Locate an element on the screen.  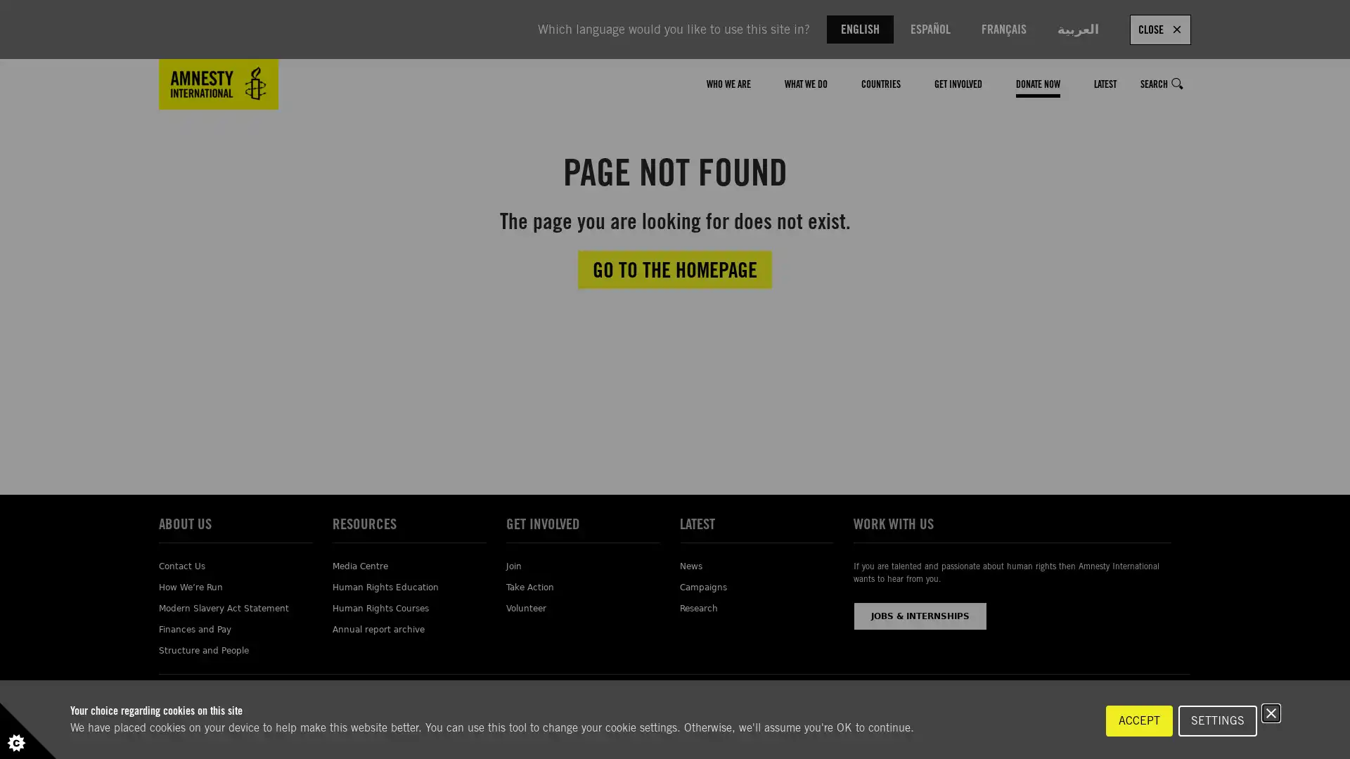
CLOSE is located at coordinates (1160, 29).